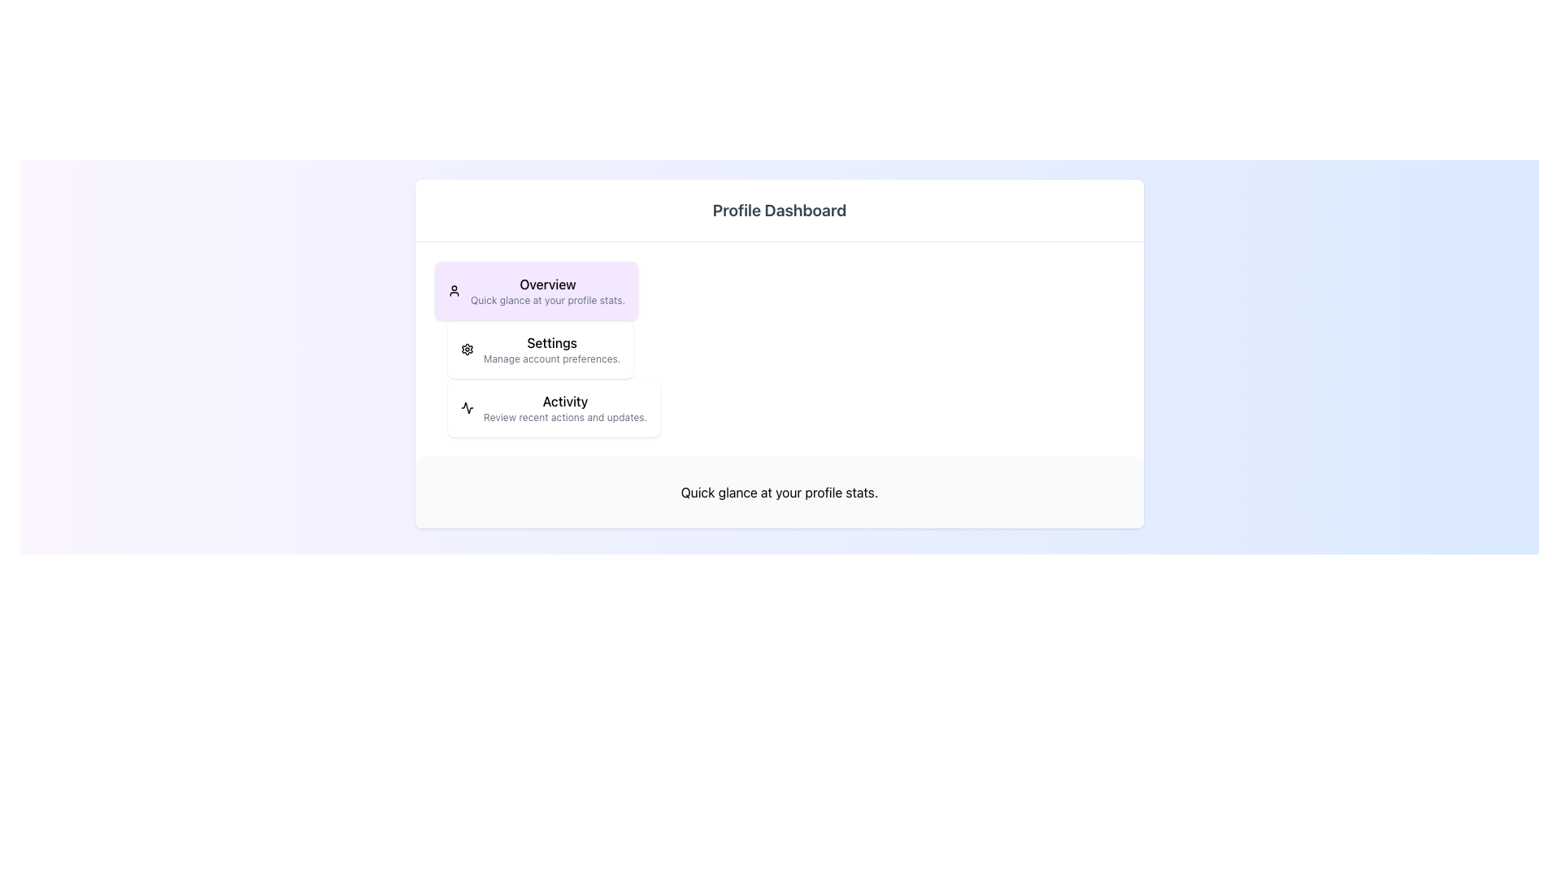  Describe the element at coordinates (548, 301) in the screenshot. I see `the informational text located directly below the 'Overview' section in the profile dashboard sidebar menu` at that location.